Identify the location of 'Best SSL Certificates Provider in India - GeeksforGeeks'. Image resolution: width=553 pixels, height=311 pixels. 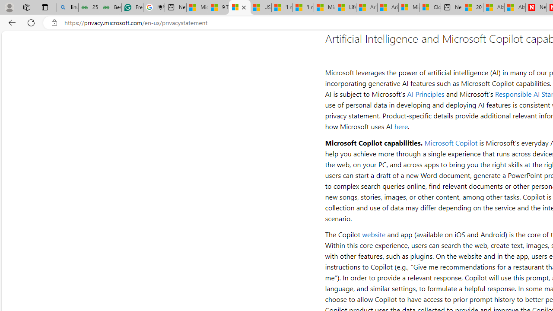
(110, 7).